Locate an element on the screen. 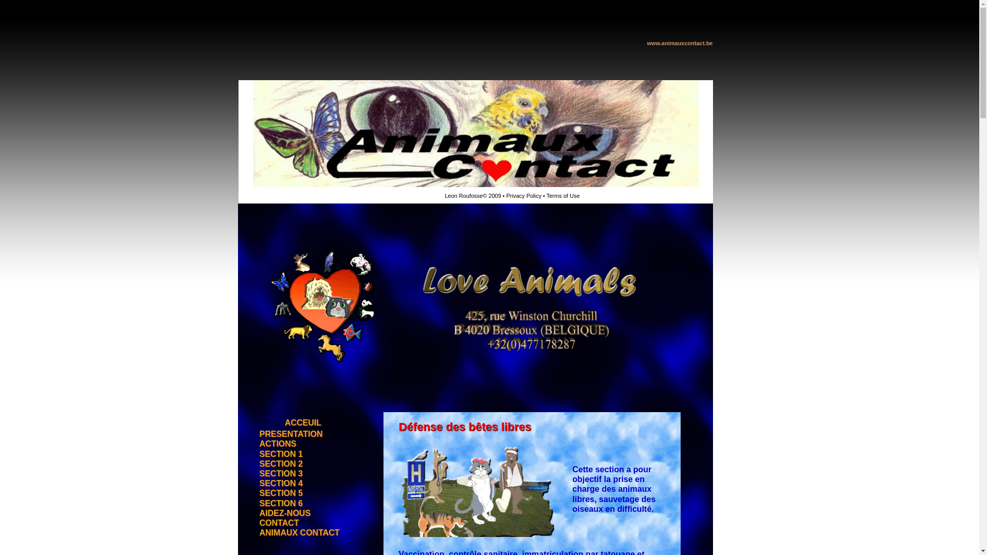 This screenshot has width=987, height=555. 'ACTIONS' is located at coordinates (277, 443).